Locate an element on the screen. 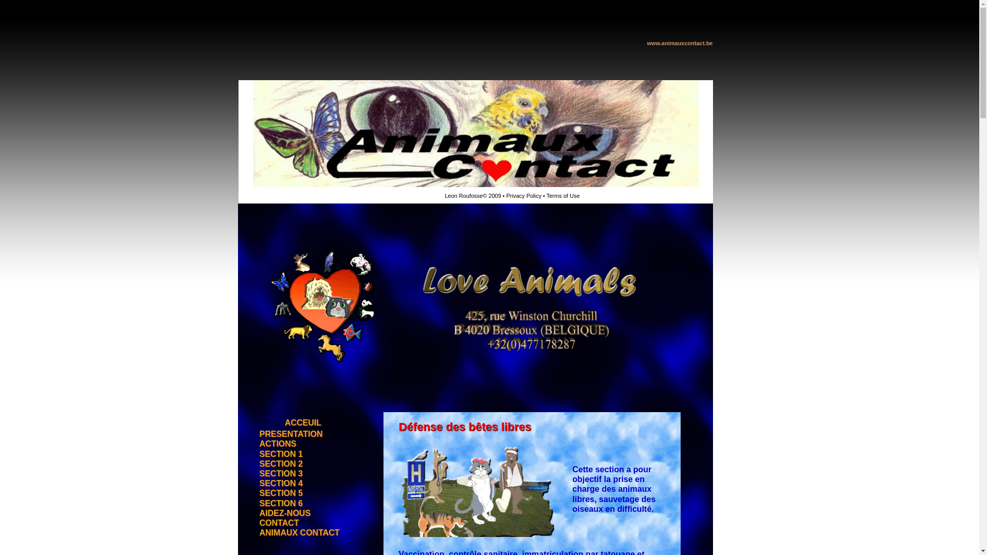 This screenshot has width=987, height=555. 'ACTIONS' is located at coordinates (277, 443).